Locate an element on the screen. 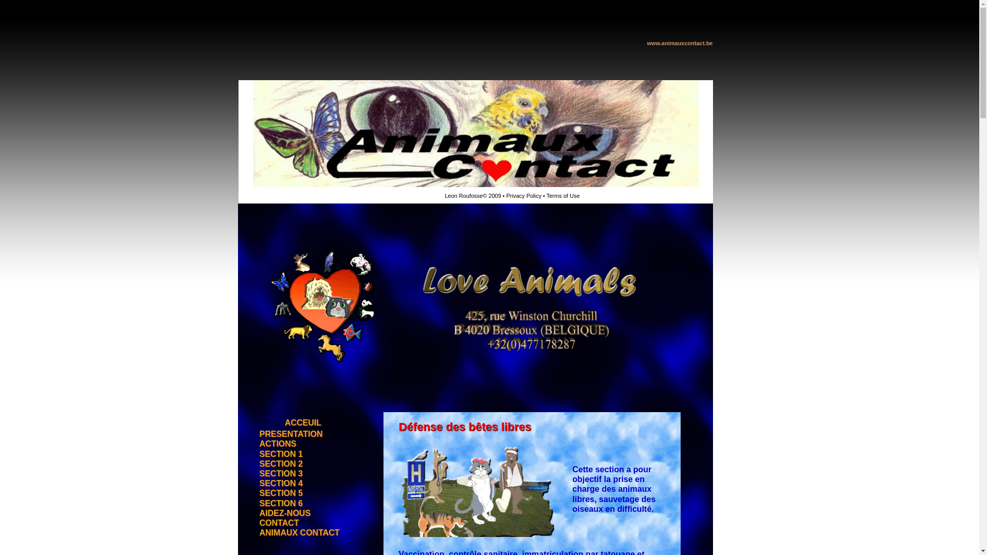 This screenshot has width=987, height=555. 'ACTIONS' is located at coordinates (277, 443).